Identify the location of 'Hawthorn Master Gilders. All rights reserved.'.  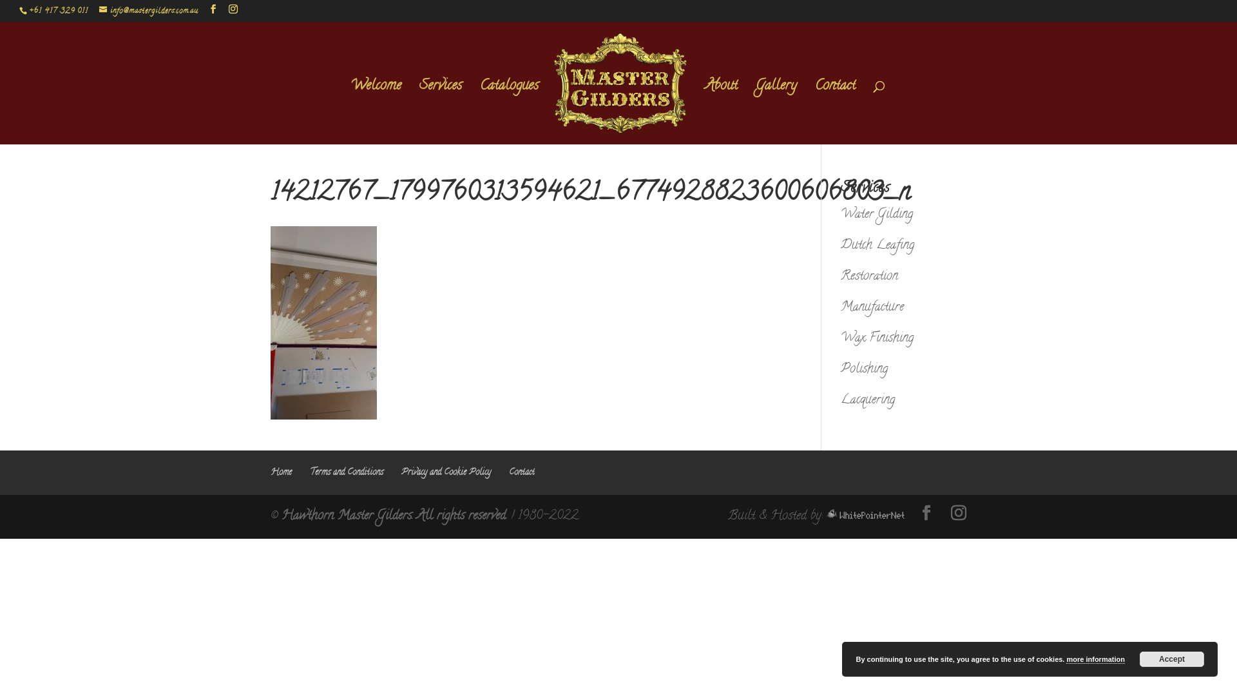
(393, 516).